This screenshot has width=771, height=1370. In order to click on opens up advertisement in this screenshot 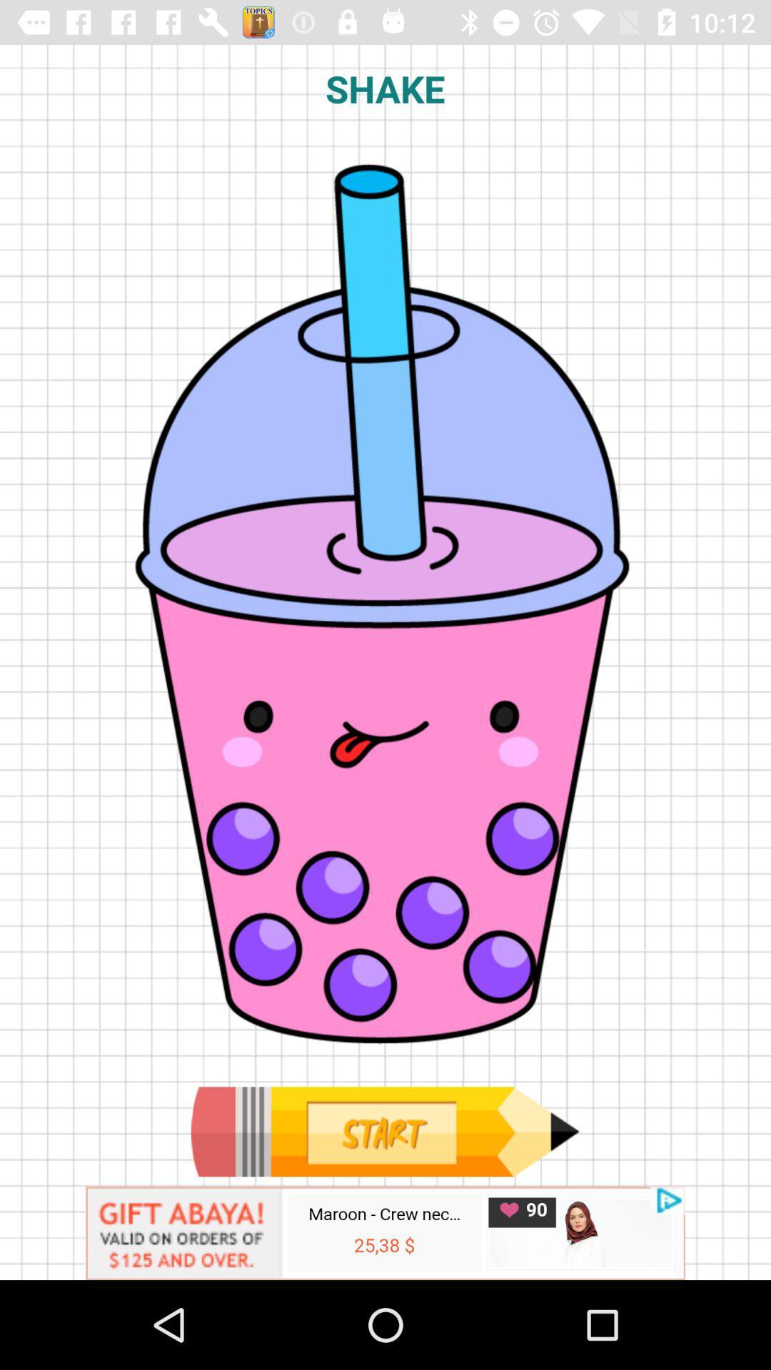, I will do `click(385, 1232)`.